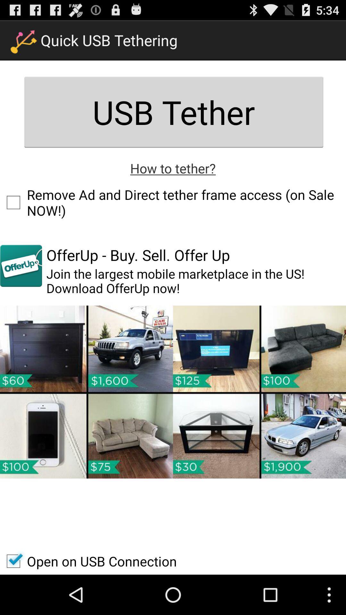  I want to click on the remove ad and, so click(173, 202).